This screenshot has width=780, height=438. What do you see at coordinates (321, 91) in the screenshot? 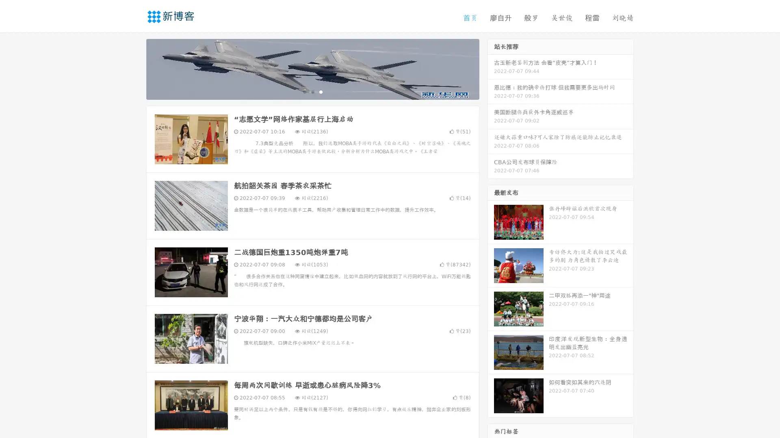
I see `Go to slide 3` at bounding box center [321, 91].